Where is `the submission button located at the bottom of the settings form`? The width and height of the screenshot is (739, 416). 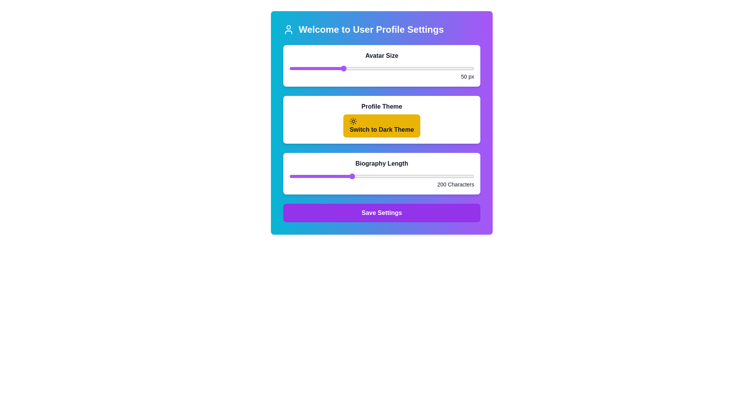
the submission button located at the bottom of the settings form is located at coordinates (382, 213).